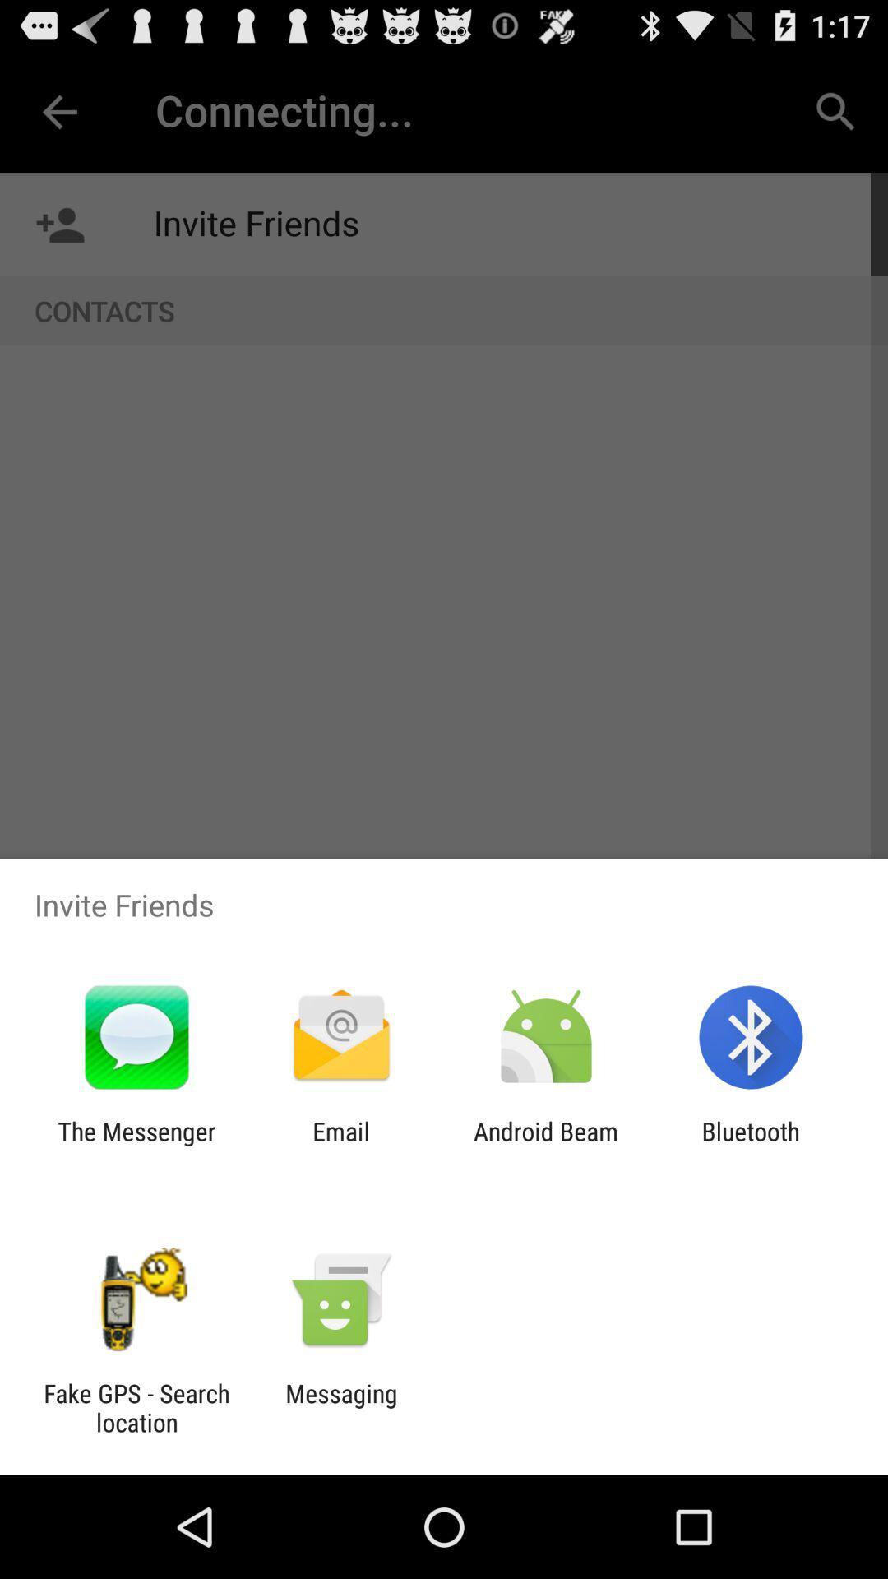 This screenshot has width=888, height=1579. I want to click on icon next to the bluetooth icon, so click(546, 1145).